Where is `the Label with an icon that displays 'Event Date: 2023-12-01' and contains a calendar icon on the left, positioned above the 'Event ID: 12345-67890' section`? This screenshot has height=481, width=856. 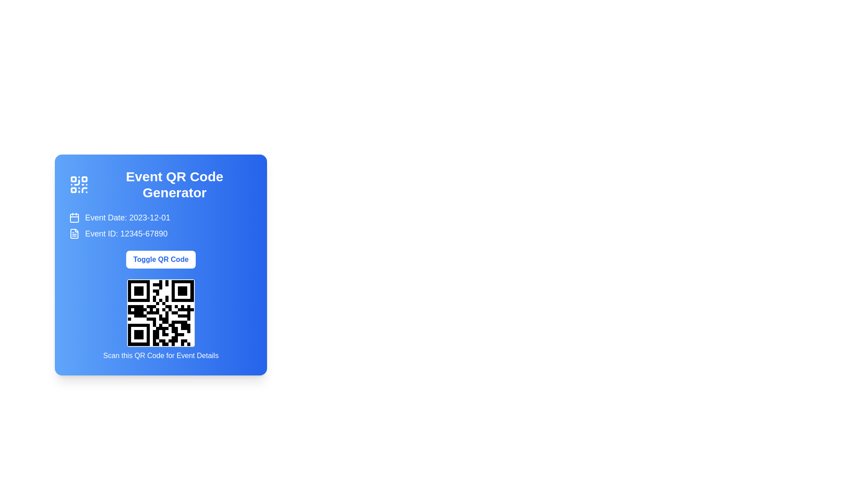
the Label with an icon that displays 'Event Date: 2023-12-01' and contains a calendar icon on the left, positioned above the 'Event ID: 12345-67890' section is located at coordinates (119, 218).